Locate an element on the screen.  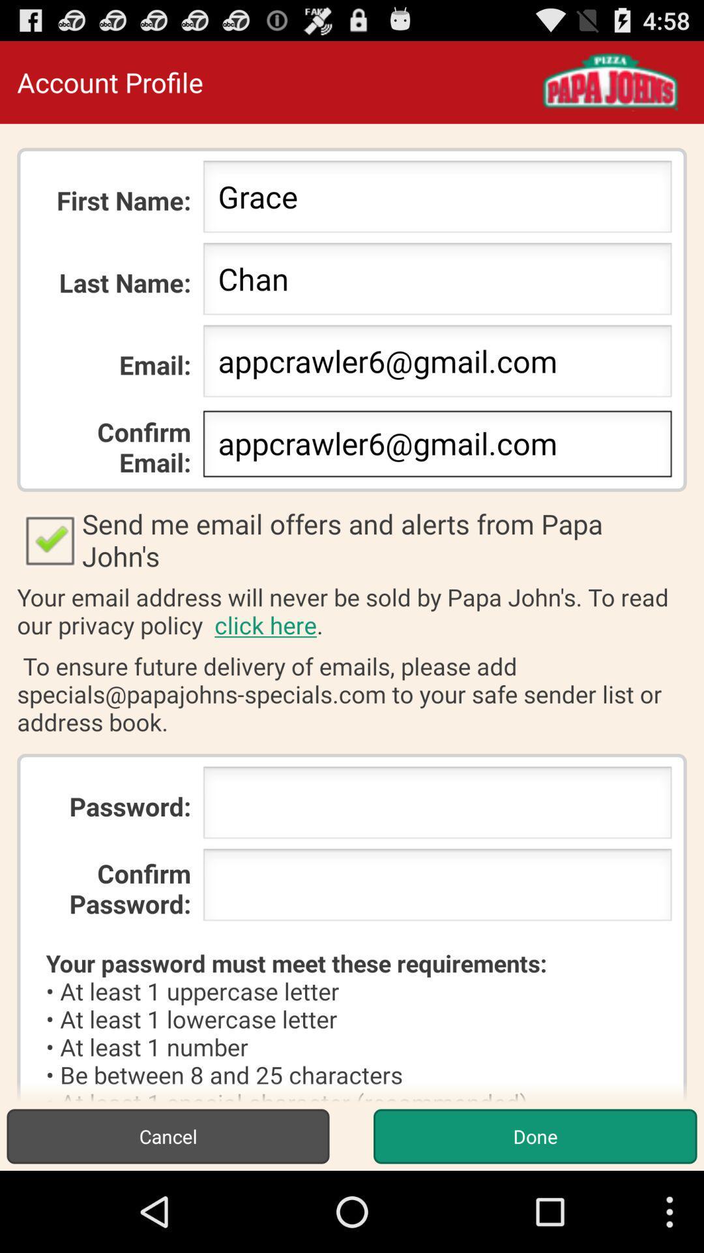
the send me email is located at coordinates (352, 540).